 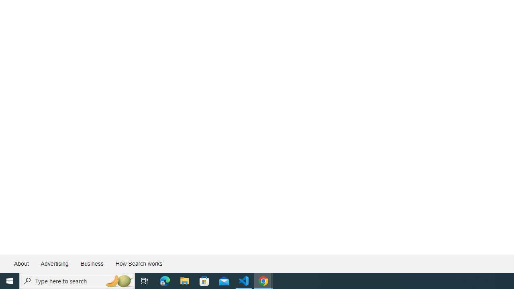 I want to click on 'About', so click(x=21, y=264).